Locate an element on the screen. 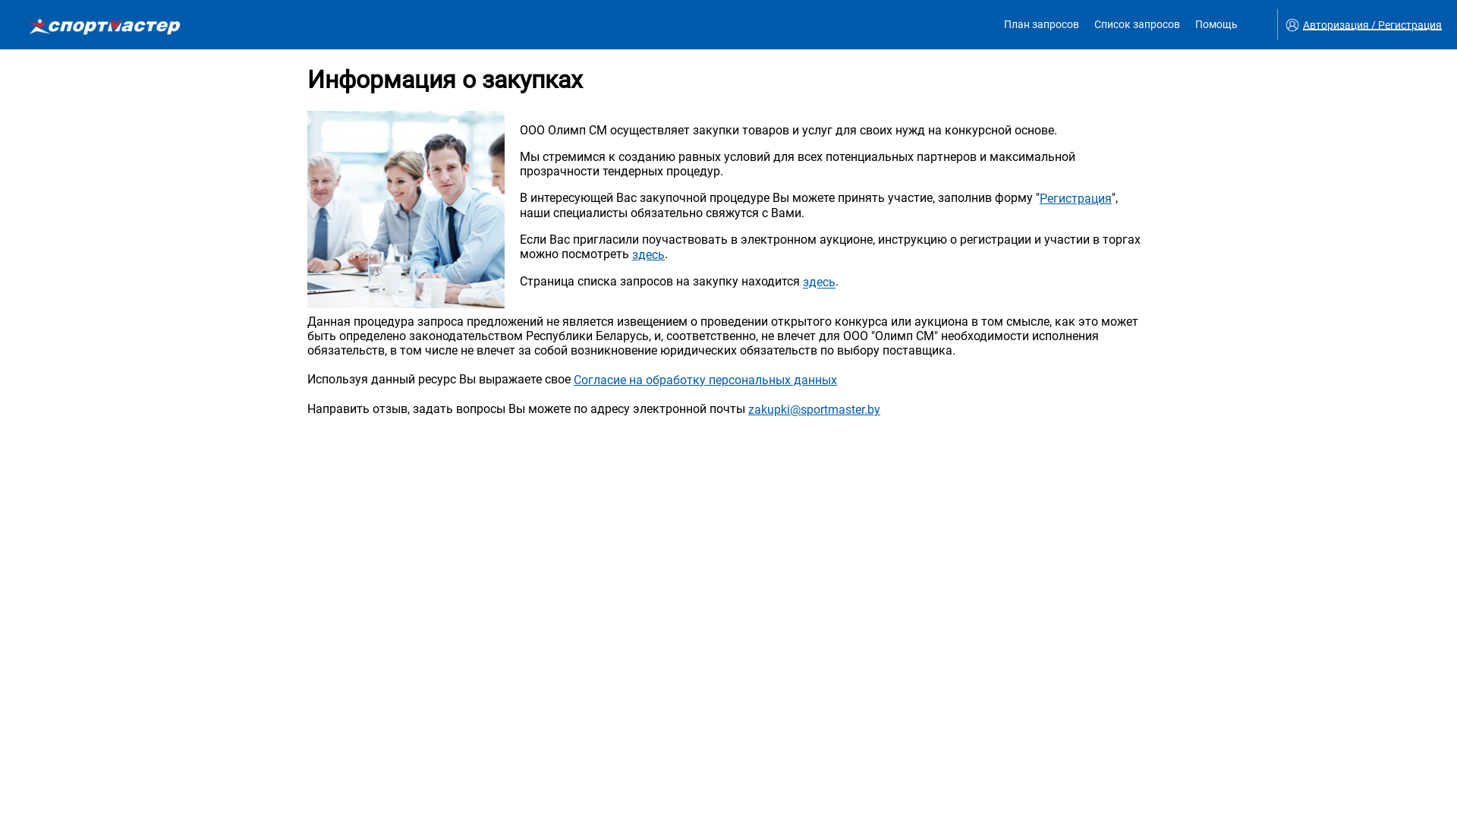 The image size is (1457, 820). 'zakupki@sportmaster.by' is located at coordinates (813, 408).